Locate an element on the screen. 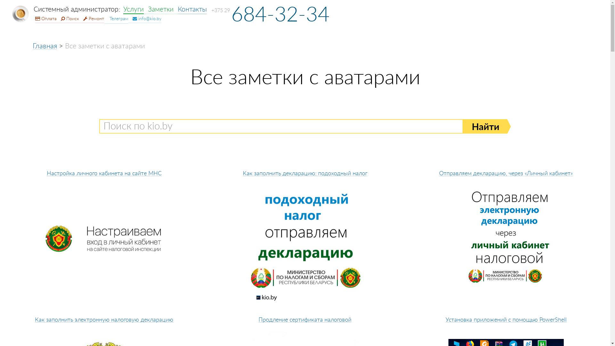 Image resolution: width=615 pixels, height=346 pixels. ' info@kio.by' is located at coordinates (128, 18).